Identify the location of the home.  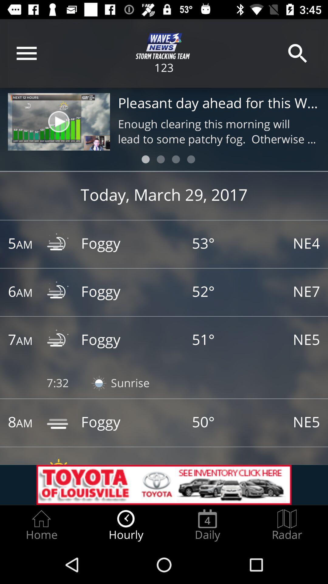
(41, 525).